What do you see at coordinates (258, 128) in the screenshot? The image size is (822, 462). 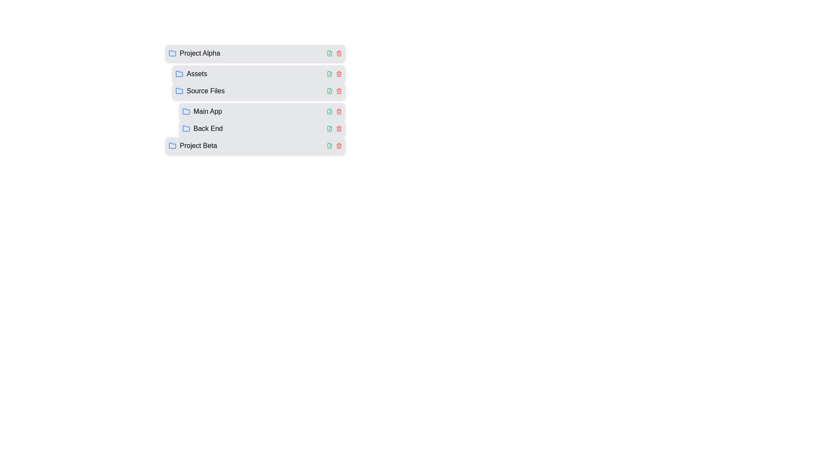 I see `the 'Back End' row item in the vertical list` at bounding box center [258, 128].